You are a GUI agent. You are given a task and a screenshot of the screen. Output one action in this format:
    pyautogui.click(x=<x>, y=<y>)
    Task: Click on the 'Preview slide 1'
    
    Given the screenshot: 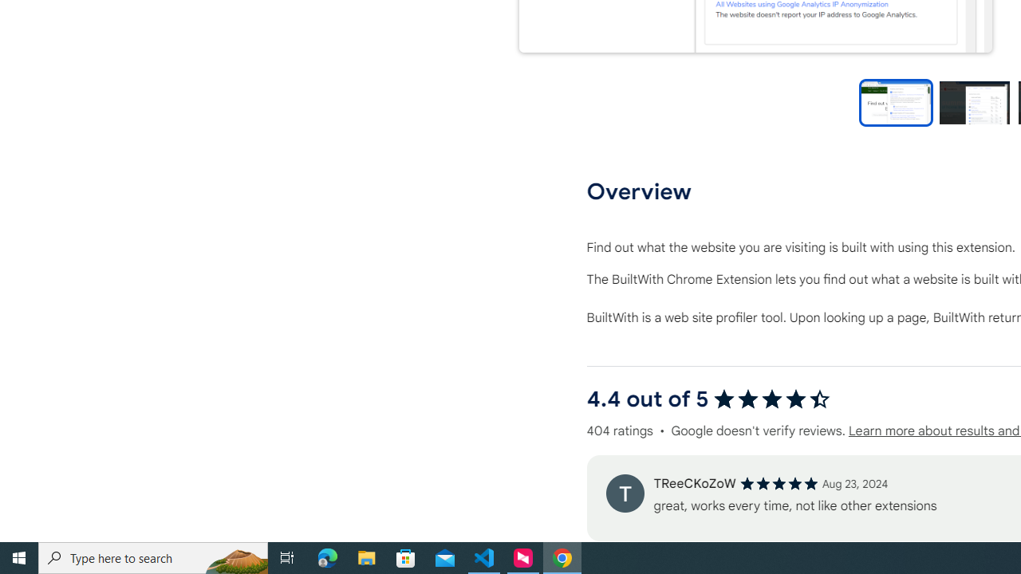 What is the action you would take?
    pyautogui.click(x=896, y=102)
    